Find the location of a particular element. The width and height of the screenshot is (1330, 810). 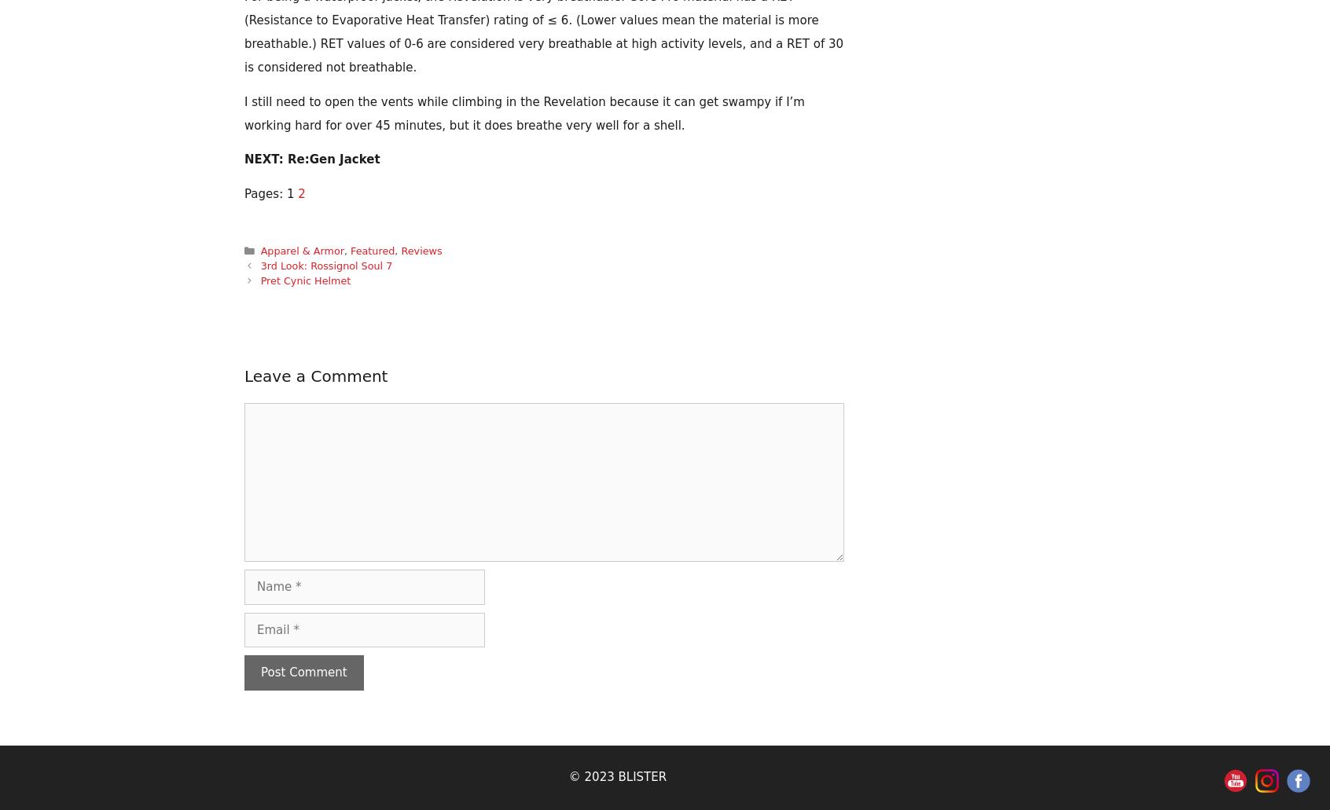

'I still need to open the vents while climbing in the Revelation because it can get swampy if I’m working hard for over 45 minutes, but it does breathe very well for a shell.' is located at coordinates (524, 112).